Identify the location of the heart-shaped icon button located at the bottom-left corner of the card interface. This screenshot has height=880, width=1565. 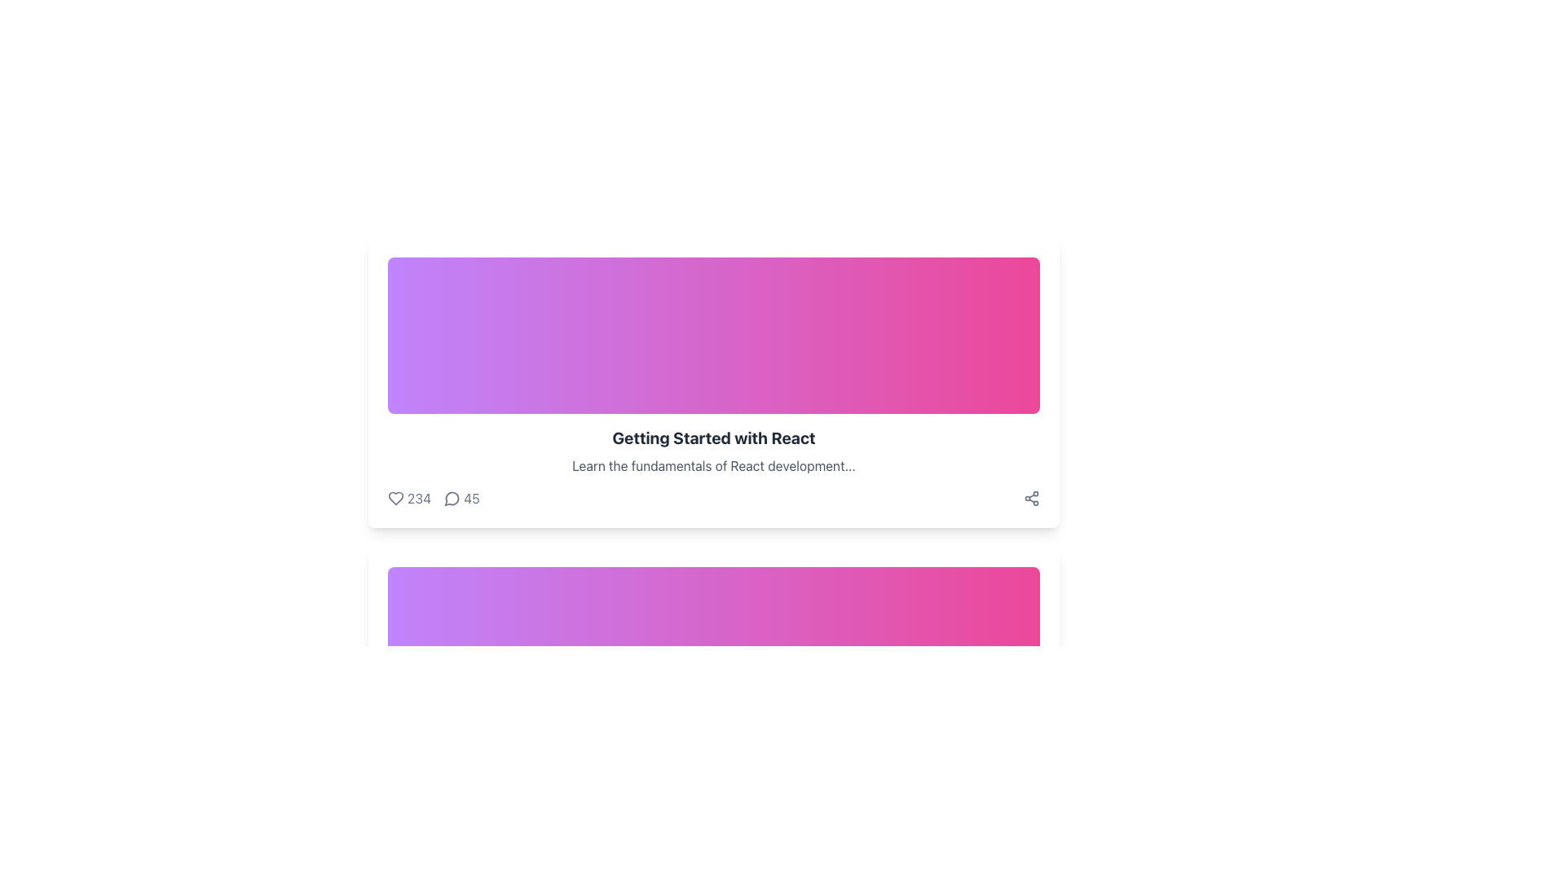
(395, 498).